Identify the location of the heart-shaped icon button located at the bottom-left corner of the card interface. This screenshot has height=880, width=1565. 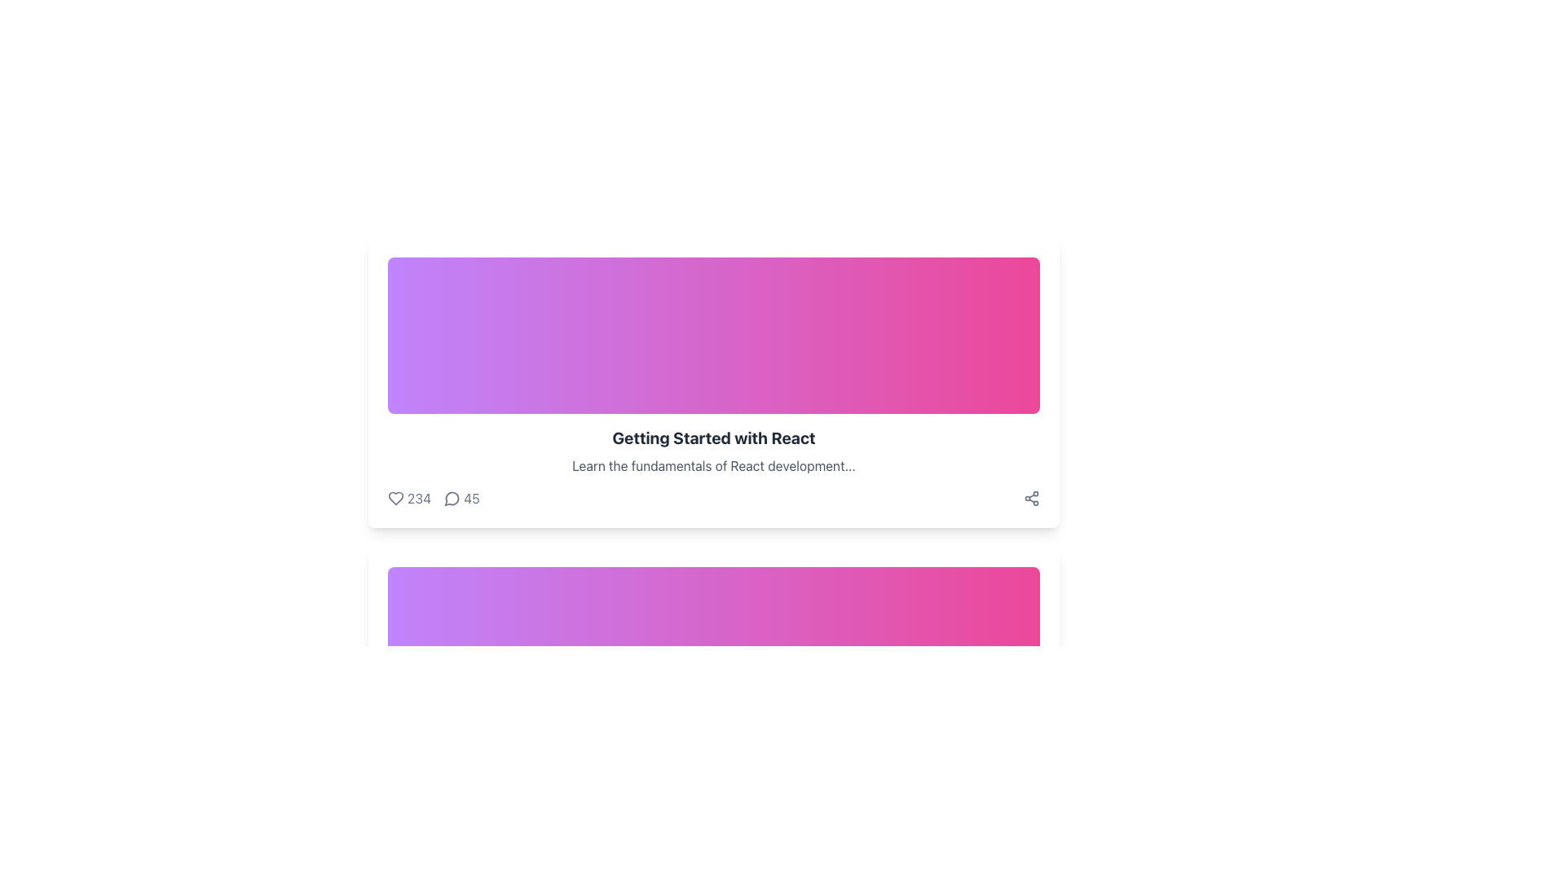
(395, 498).